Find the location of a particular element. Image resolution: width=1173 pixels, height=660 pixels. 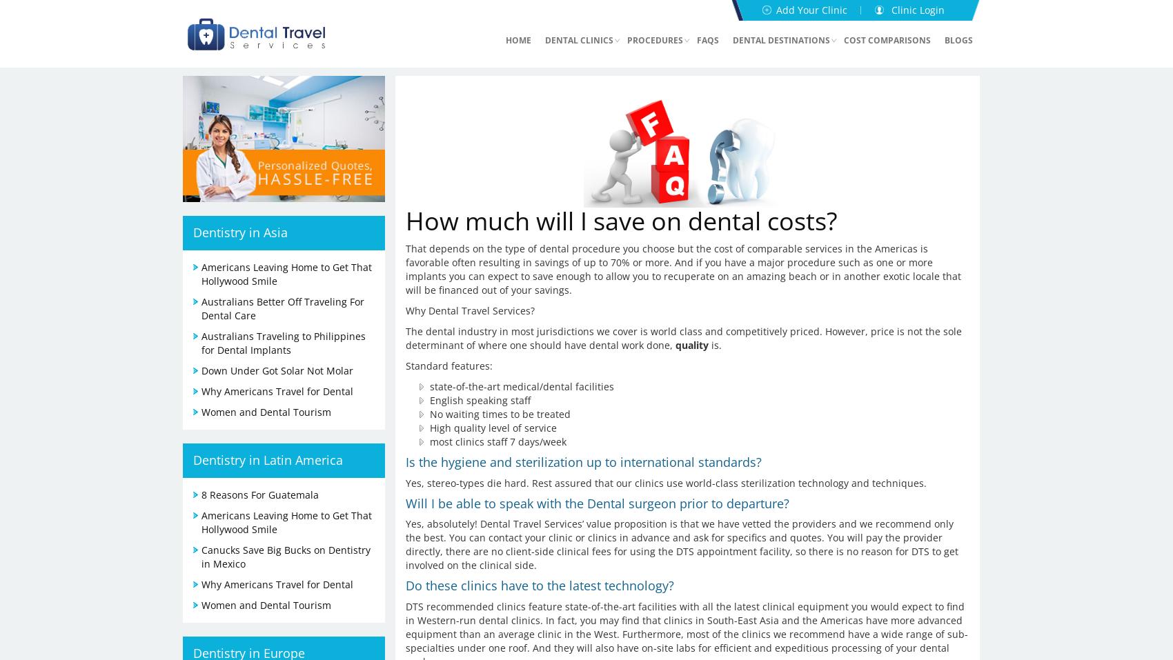

'That depends on the type of dental procedure you choose but the cost of comparable services in the Americas is favorable often resulting in savings of up to 70% or more. And if you have a major procedure such as one or more implants you can expect to save enough to allow you to recuperate on an amazing beach or in another exotic locale that will be financed out of your savings.' is located at coordinates (682, 268).